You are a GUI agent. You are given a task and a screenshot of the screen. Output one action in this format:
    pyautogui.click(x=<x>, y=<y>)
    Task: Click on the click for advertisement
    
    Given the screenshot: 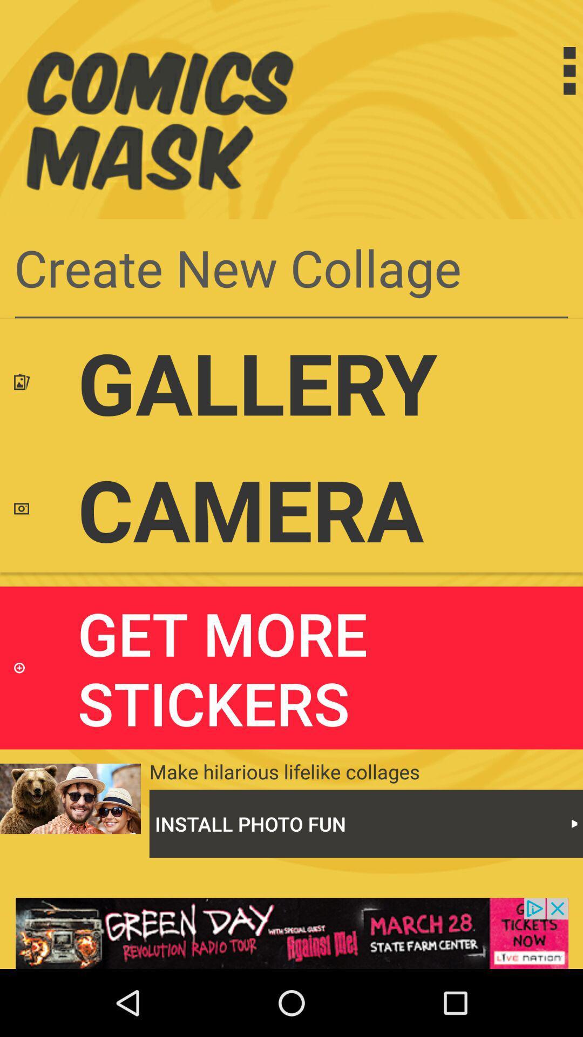 What is the action you would take?
    pyautogui.click(x=291, y=933)
    